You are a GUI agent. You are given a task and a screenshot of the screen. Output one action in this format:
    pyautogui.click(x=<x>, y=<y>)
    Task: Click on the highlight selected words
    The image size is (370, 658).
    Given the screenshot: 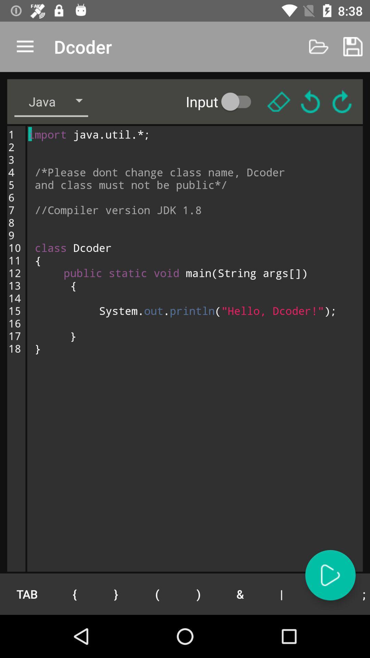 What is the action you would take?
    pyautogui.click(x=279, y=101)
    